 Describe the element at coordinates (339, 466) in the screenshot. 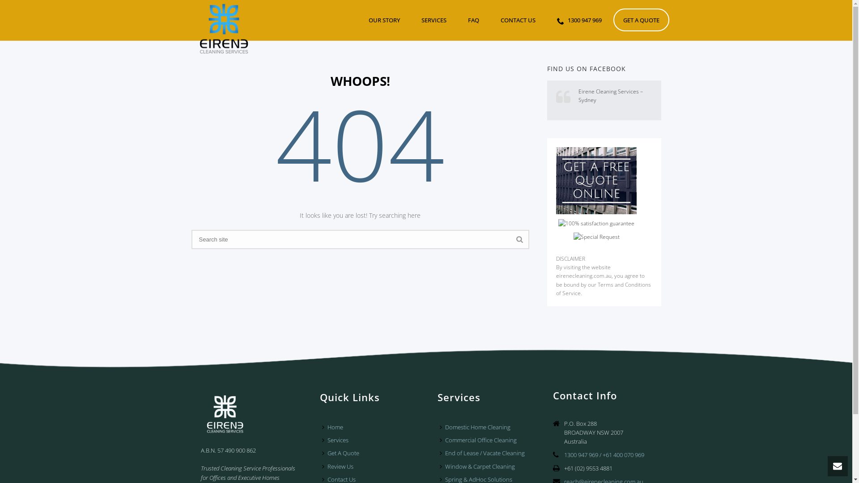

I see `'Review Us'` at that location.